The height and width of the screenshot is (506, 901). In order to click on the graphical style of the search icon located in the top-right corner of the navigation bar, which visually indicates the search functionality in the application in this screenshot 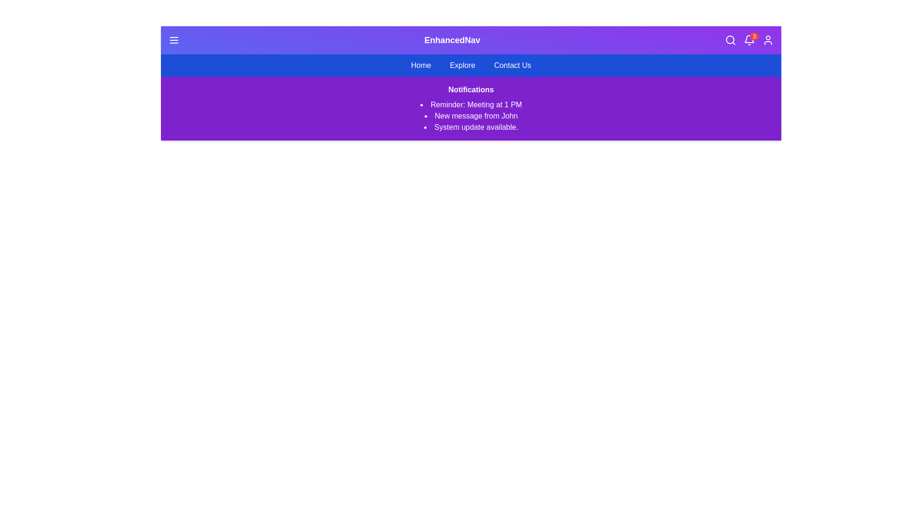, I will do `click(729, 39)`.